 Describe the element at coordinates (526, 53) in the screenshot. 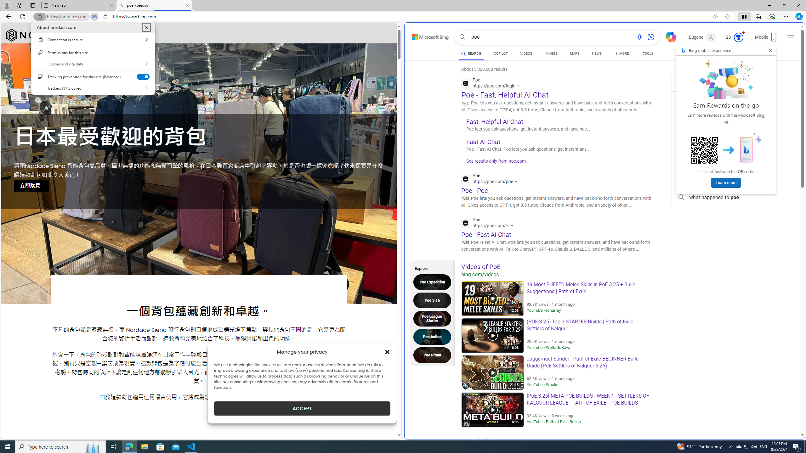

I see `'VIDEOS'` at that location.